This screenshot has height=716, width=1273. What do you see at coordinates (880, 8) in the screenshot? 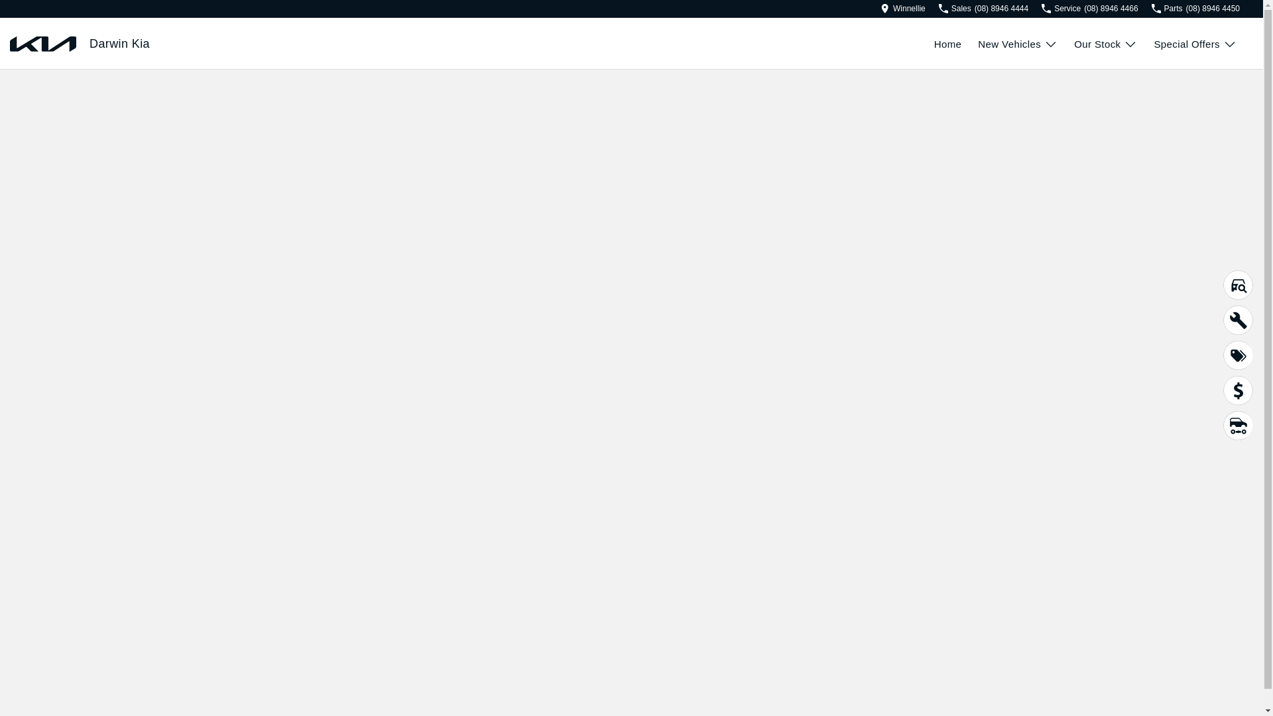
I see `'Winnellie'` at bounding box center [880, 8].